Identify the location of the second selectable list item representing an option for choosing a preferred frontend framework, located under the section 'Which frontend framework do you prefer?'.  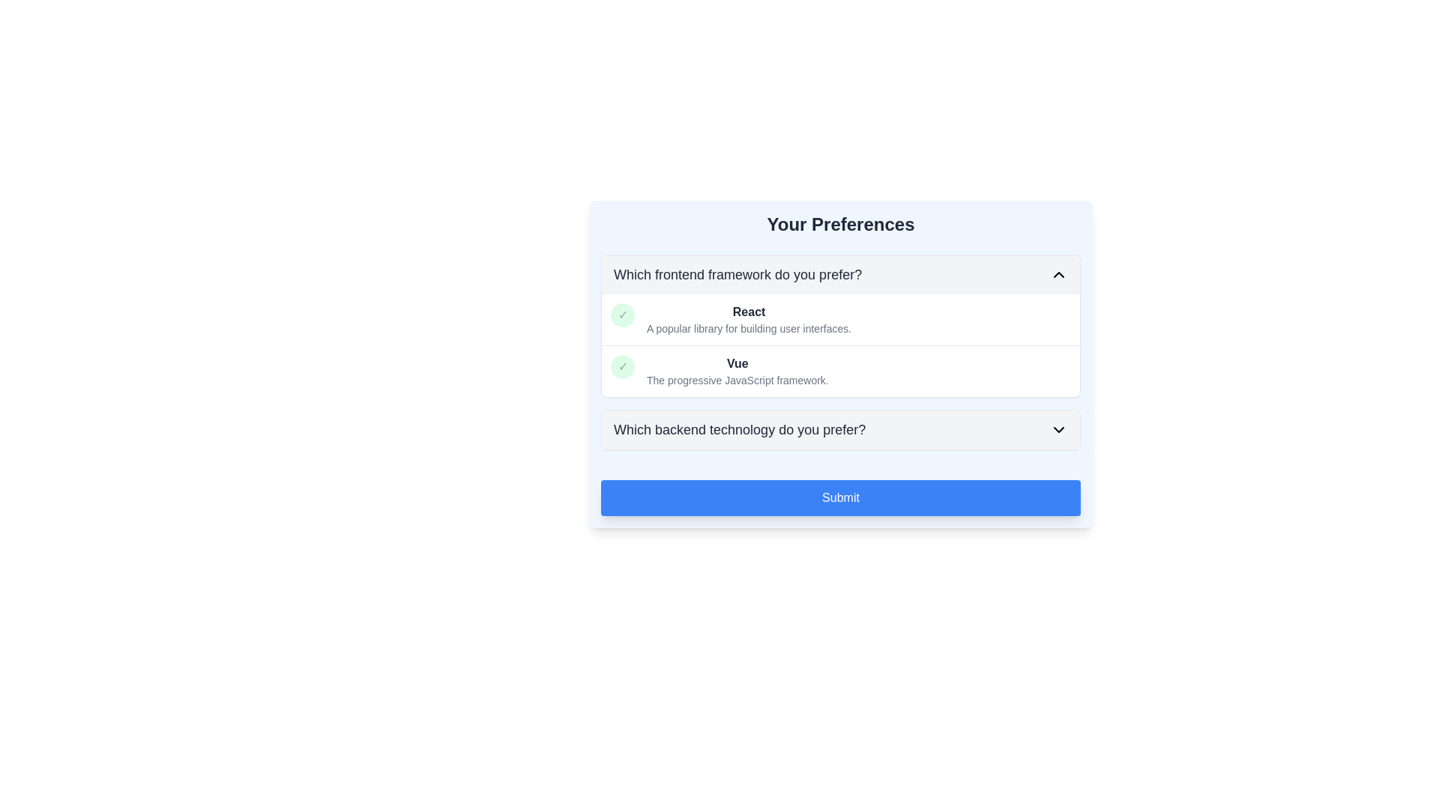
(841, 371).